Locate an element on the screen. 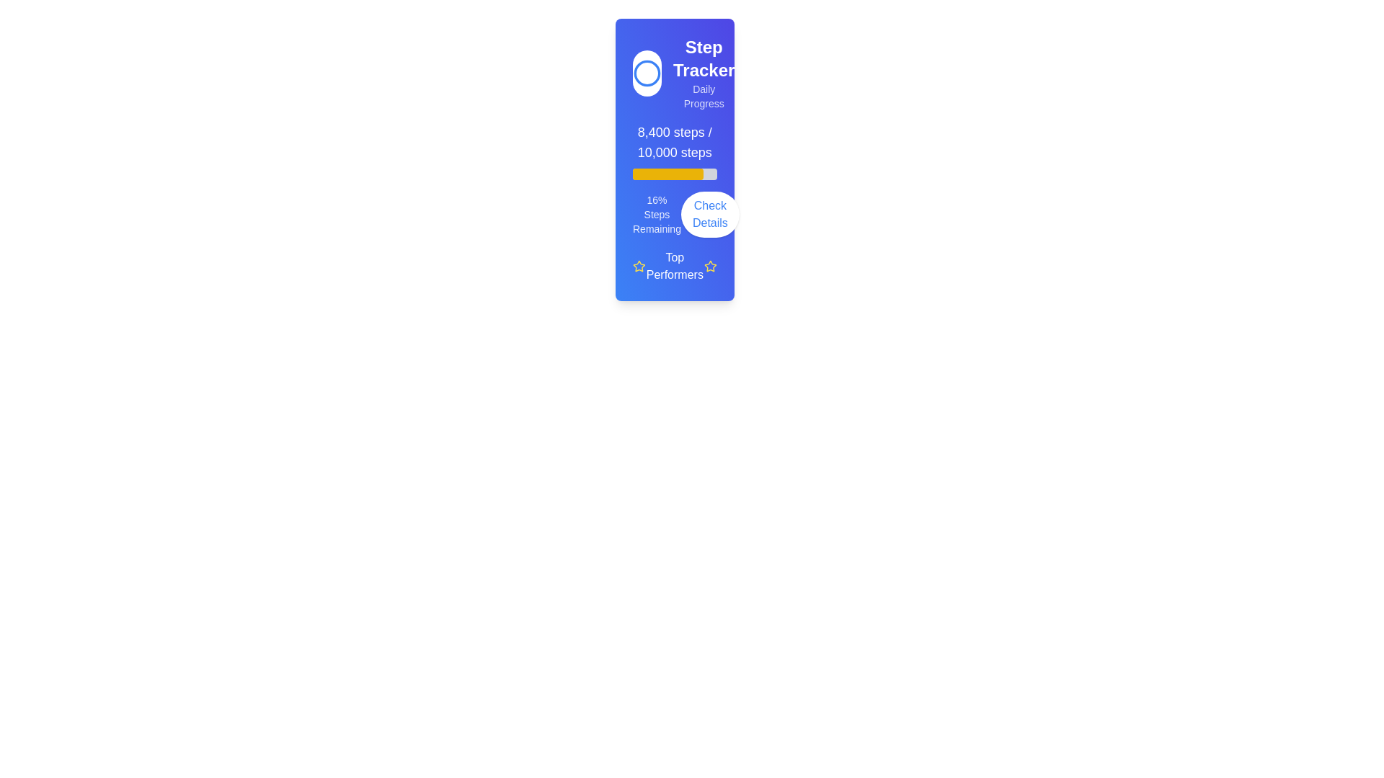  the 'Check Details' button located to the right of the '16% Steps Remaining' text element is located at coordinates (710, 214).